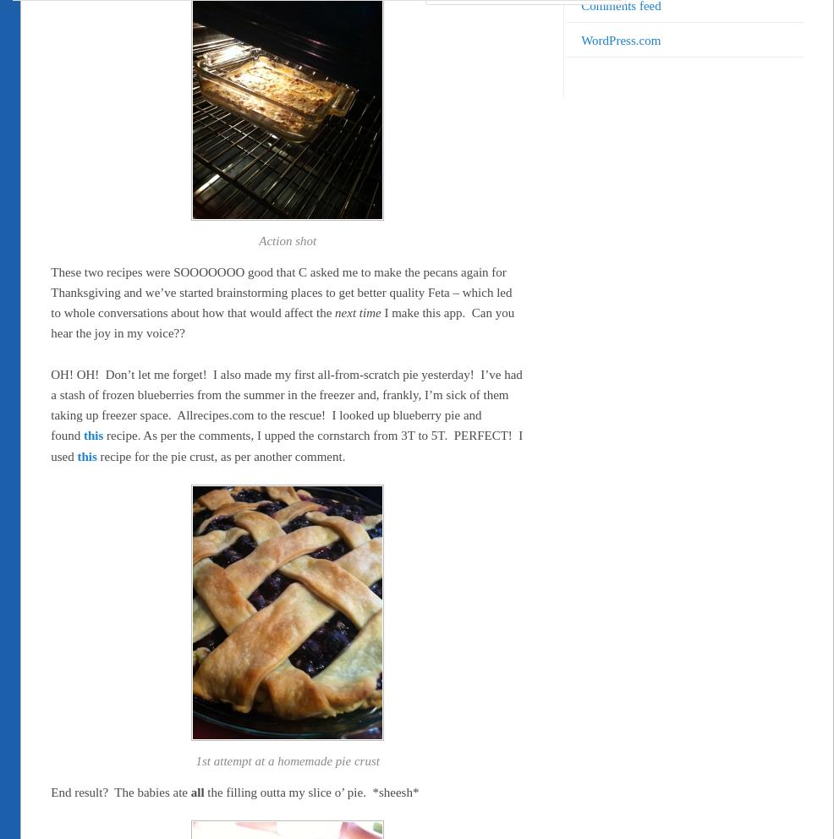 The height and width of the screenshot is (839, 834). I want to click on 'next time', so click(333, 312).